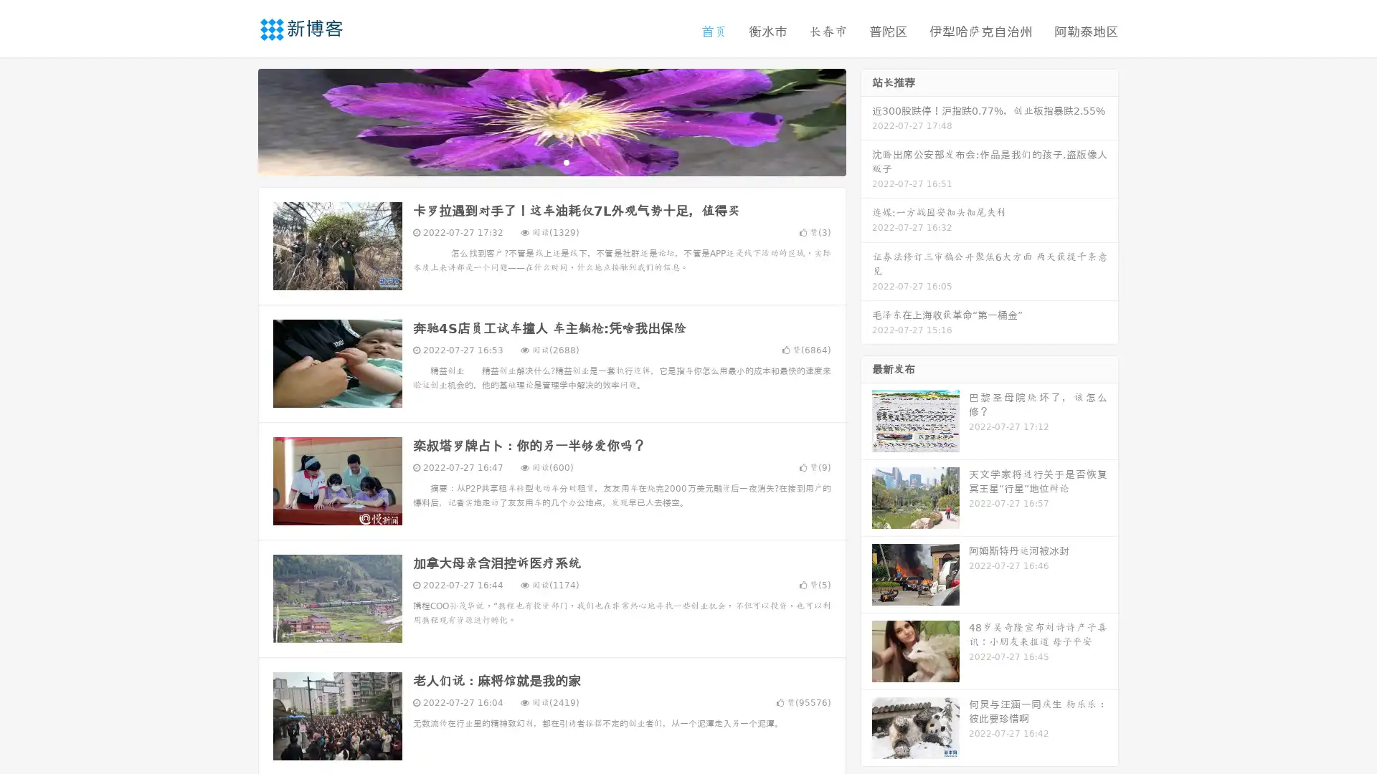 The image size is (1377, 774). What do you see at coordinates (566, 161) in the screenshot?
I see `Go to slide 3` at bounding box center [566, 161].